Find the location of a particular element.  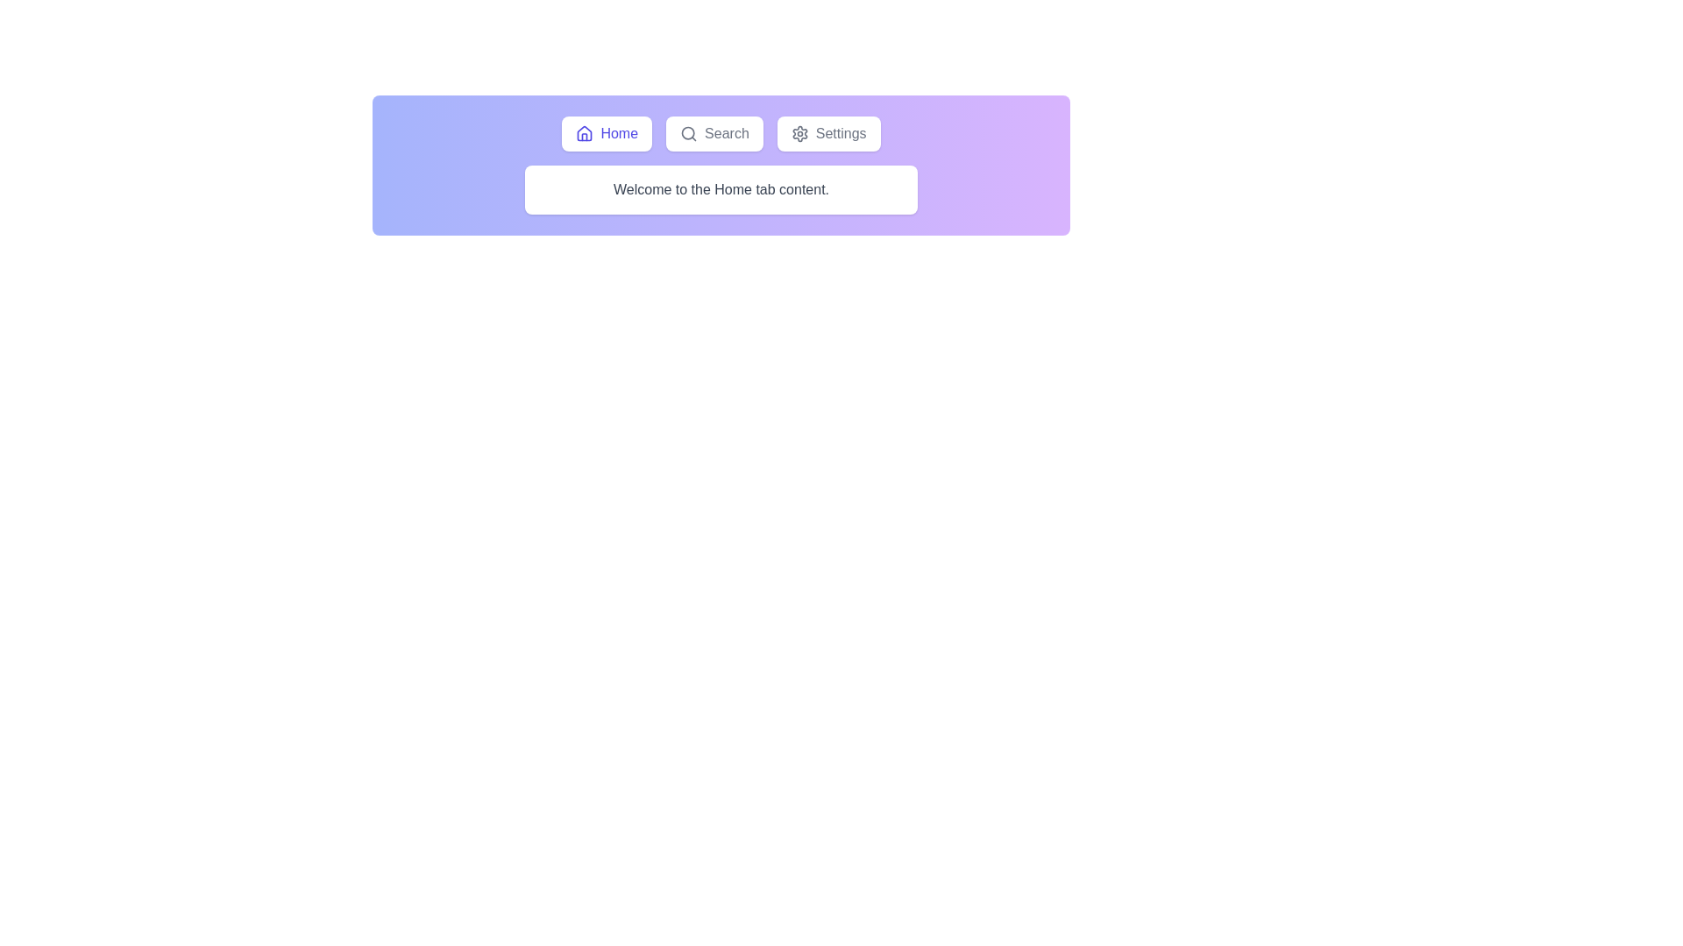

the 'Home' navigation button located on the left-hand side of the row of primary buttons to trigger the hover animation is located at coordinates (607, 133).